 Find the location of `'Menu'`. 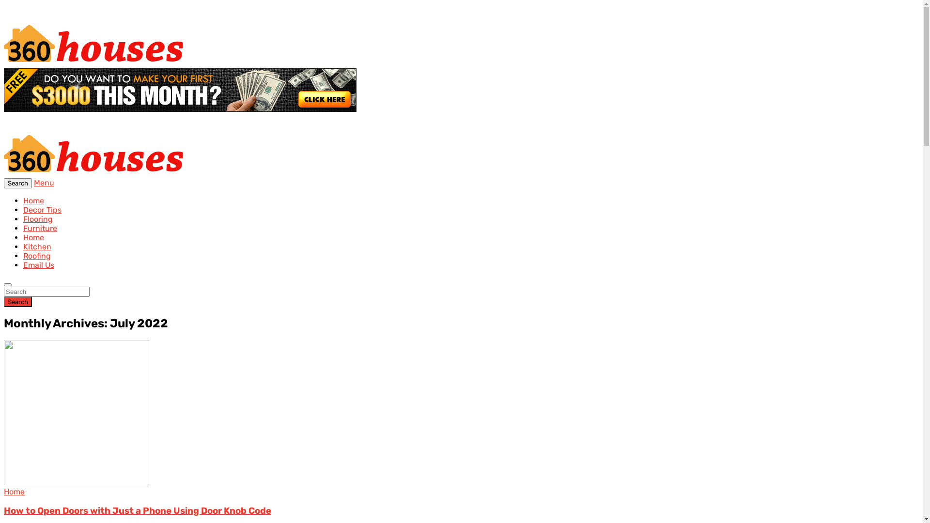

'Menu' is located at coordinates (44, 183).